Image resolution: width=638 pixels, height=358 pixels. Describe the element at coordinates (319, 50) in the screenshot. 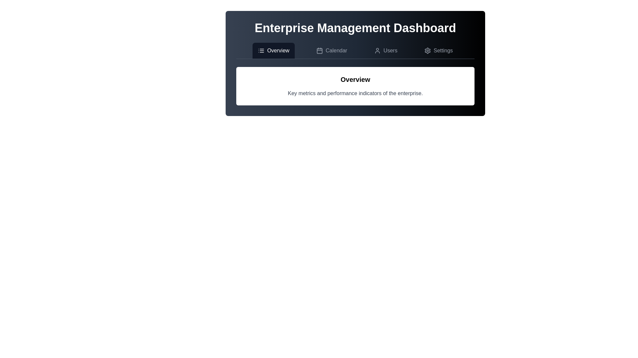

I see `the rounded rectangle element of the calendar icon located in the navigation bar at the top-center of the interface` at that location.